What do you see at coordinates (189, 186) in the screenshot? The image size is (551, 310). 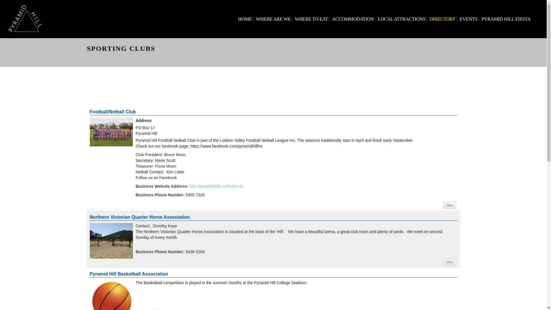 I see `'http://pyramidhillfc.vcfl.com.au'` at bounding box center [189, 186].